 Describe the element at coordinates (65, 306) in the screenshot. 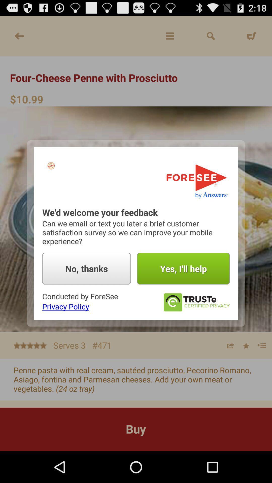

I see `the icon below the conducted by foresee item` at that location.